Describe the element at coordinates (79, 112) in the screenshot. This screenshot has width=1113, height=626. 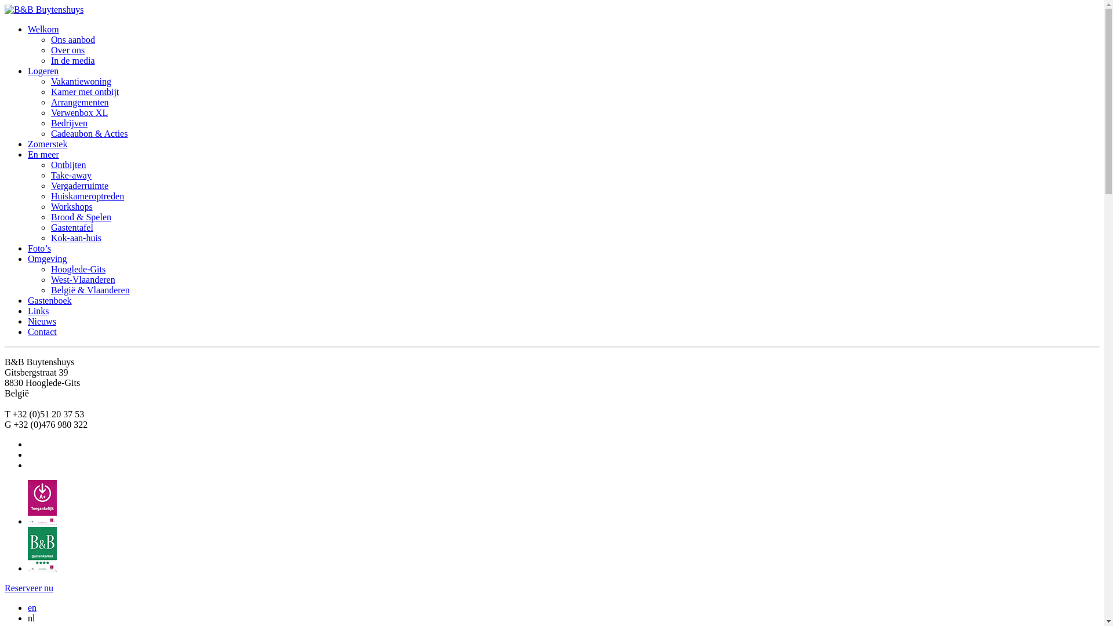
I see `'Verwenbox XL'` at that location.